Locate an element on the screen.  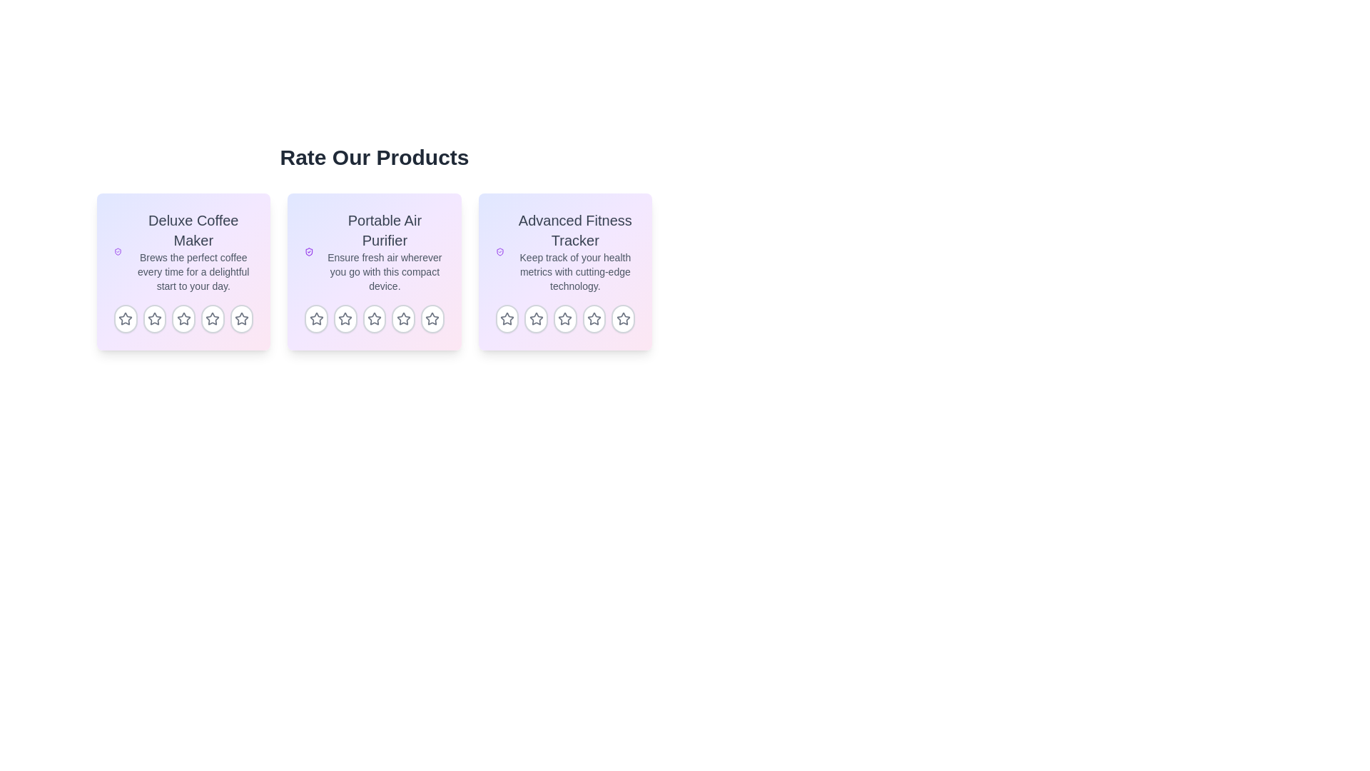
the third star icon in the rating feature for the 'Advanced Fitness Tracker' product is located at coordinates (564, 318).